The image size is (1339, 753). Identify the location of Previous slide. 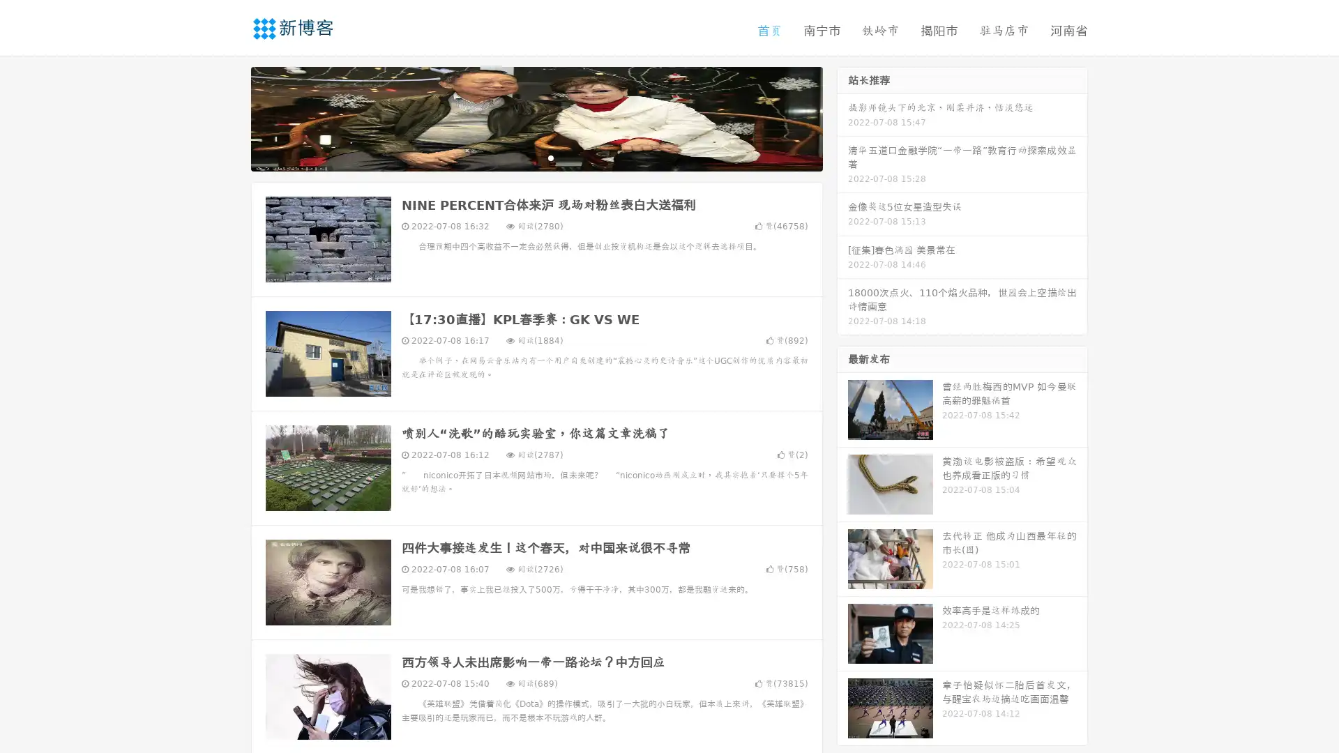
(230, 117).